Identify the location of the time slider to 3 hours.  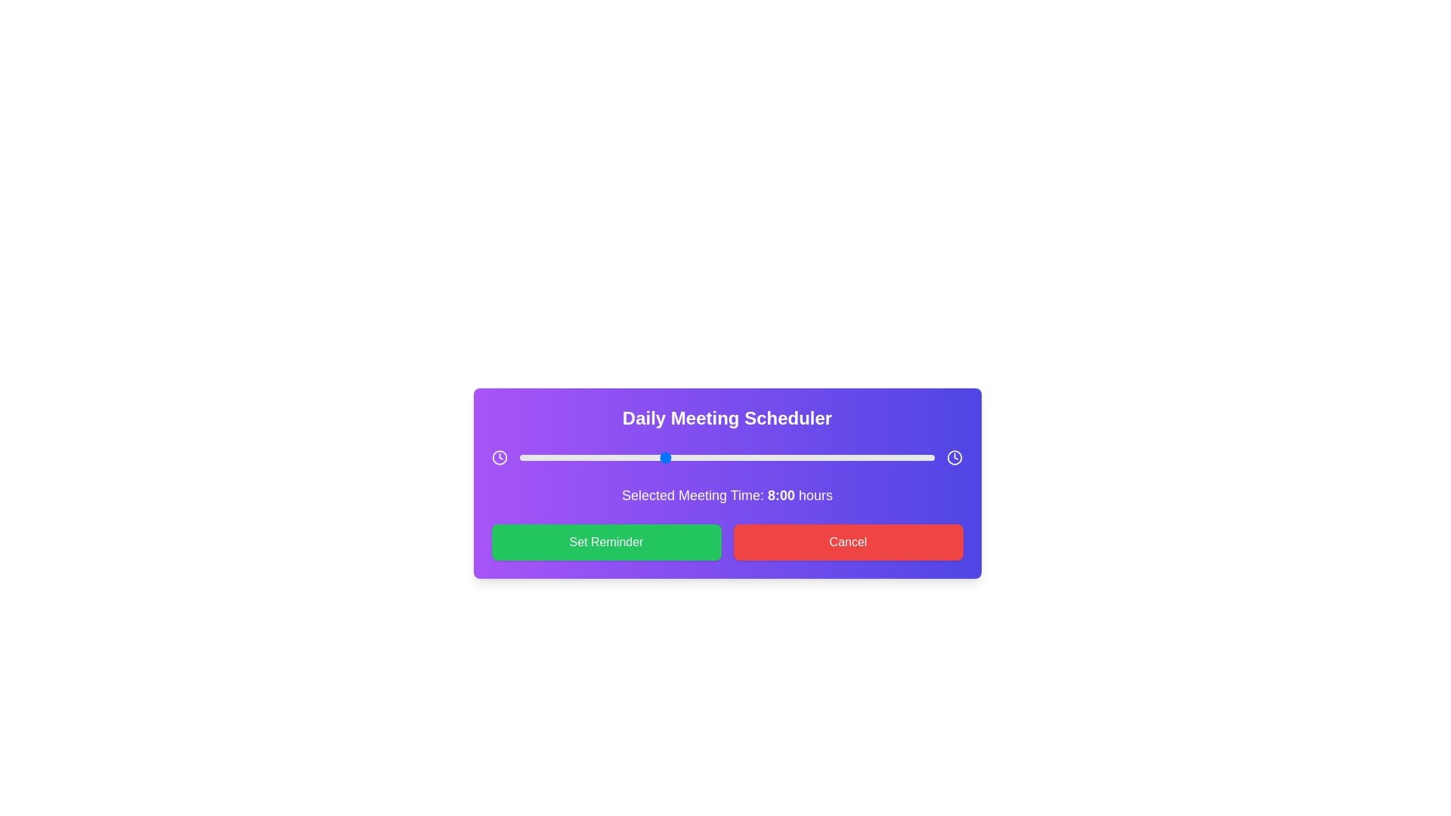
(573, 456).